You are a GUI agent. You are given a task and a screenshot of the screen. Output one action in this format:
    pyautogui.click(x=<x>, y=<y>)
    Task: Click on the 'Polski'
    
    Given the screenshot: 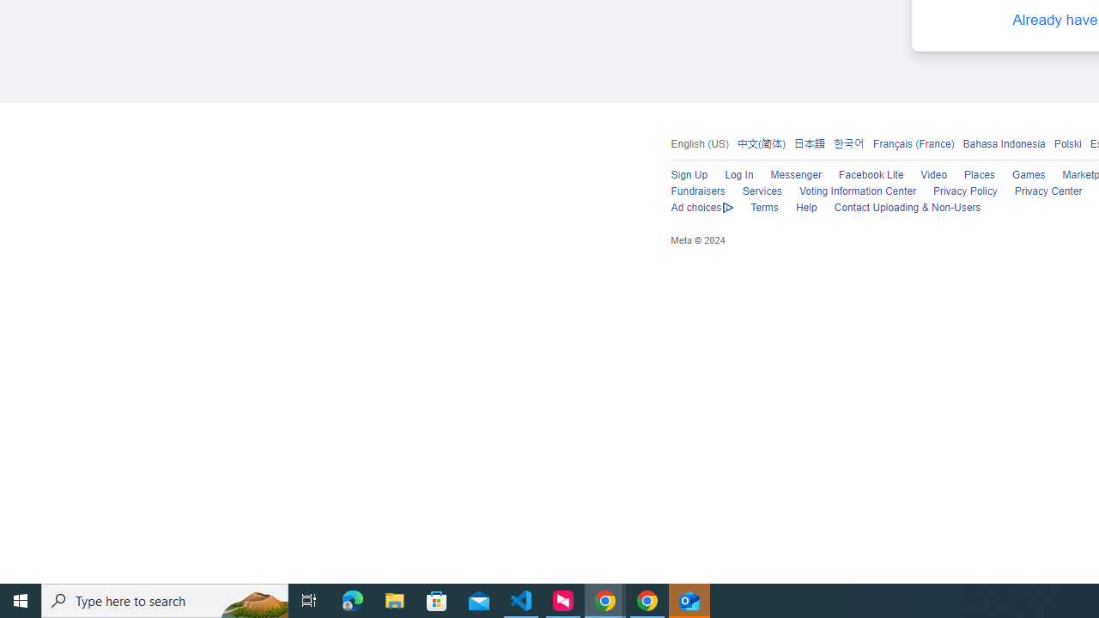 What is the action you would take?
    pyautogui.click(x=1066, y=142)
    